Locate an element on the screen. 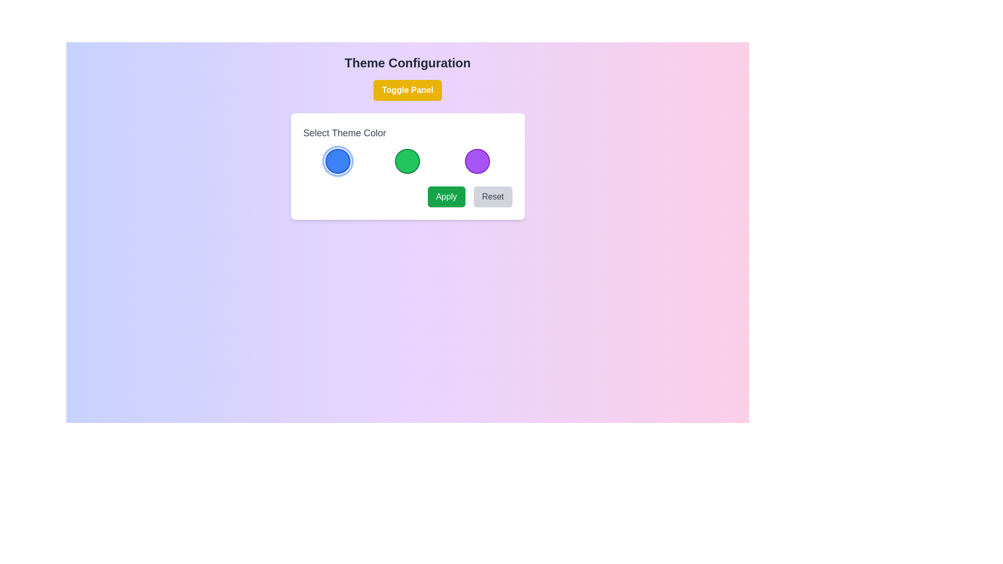  the green circular button with a dark green border, located between a blue circle and a purple circle on a white panel is located at coordinates (407, 161).